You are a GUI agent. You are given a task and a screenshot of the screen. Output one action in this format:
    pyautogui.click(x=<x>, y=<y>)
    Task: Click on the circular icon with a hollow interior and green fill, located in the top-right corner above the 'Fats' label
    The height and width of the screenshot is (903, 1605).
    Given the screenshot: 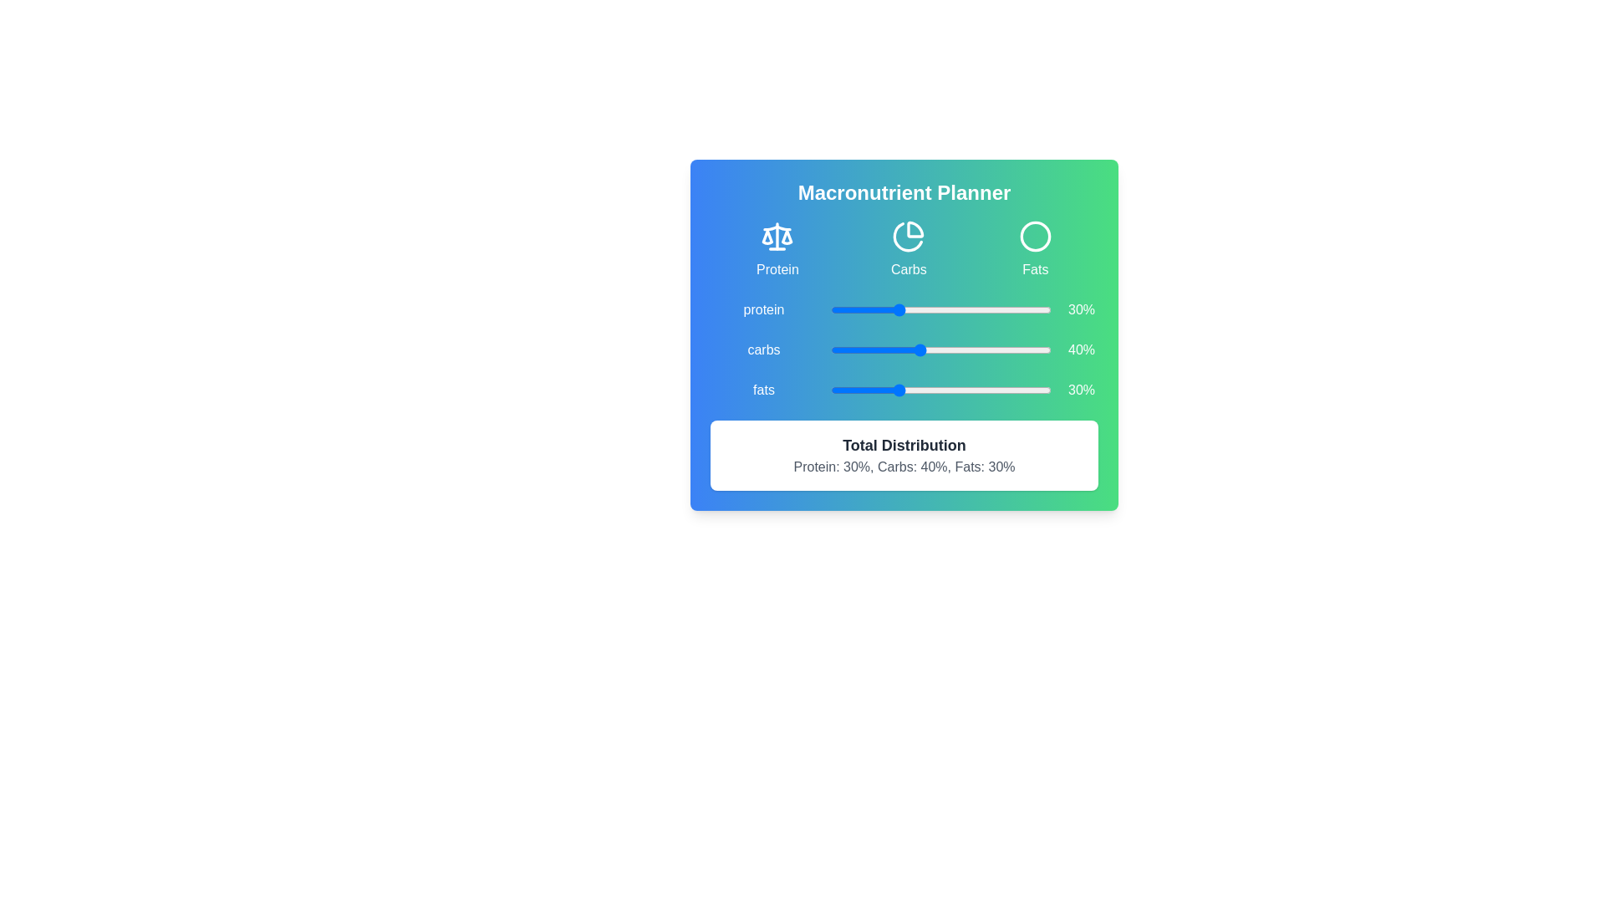 What is the action you would take?
    pyautogui.click(x=1034, y=236)
    